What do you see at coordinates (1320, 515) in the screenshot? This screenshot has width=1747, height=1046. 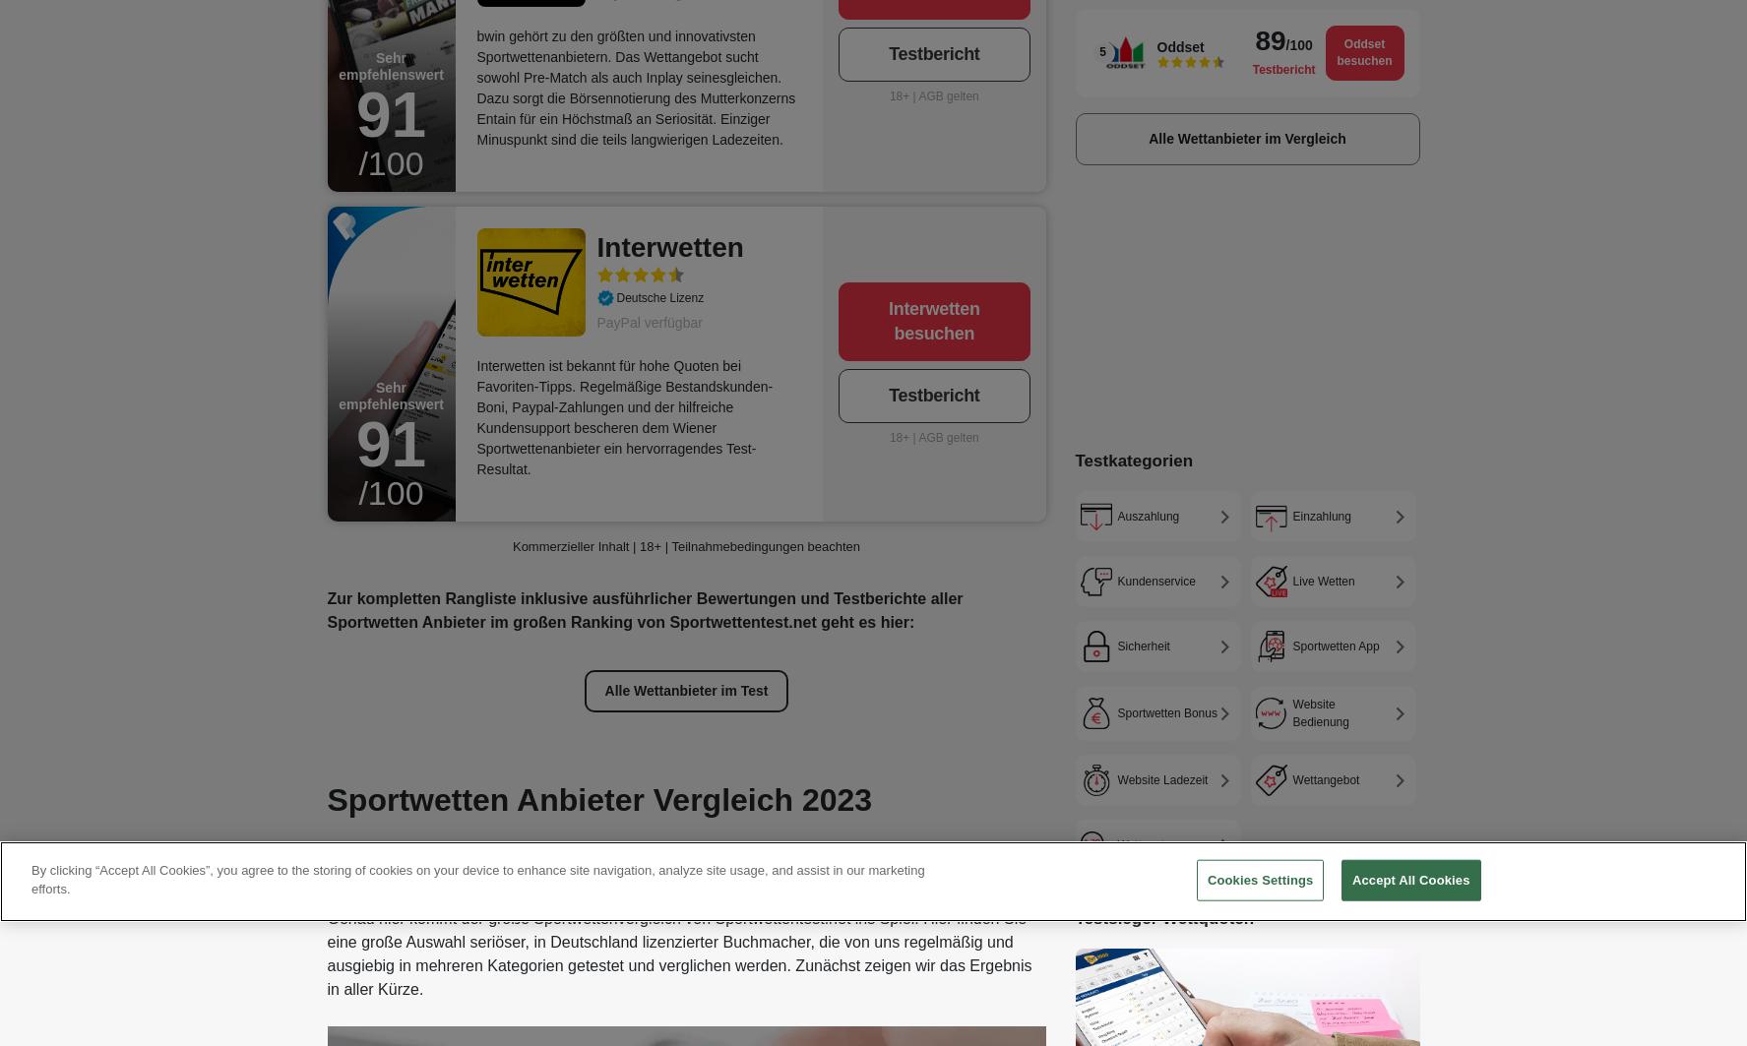 I see `'Einzahlung'` at bounding box center [1320, 515].